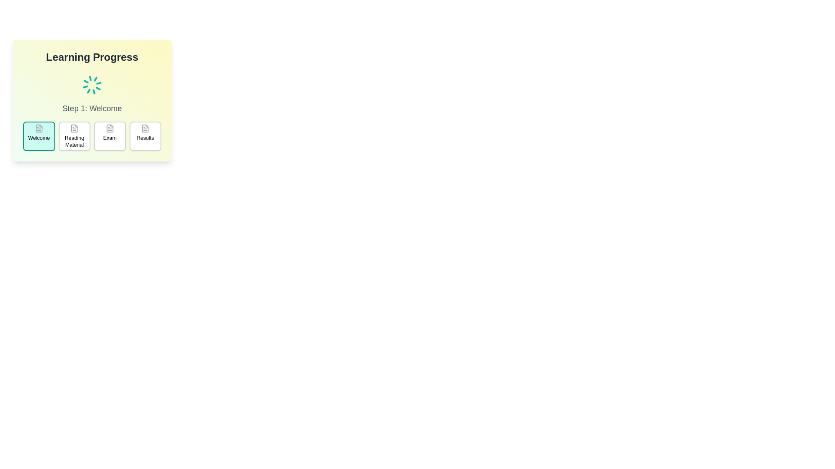 Image resolution: width=835 pixels, height=469 pixels. I want to click on the 'Results' icon located within the square button in the 'Learning Progress' section, so click(145, 129).